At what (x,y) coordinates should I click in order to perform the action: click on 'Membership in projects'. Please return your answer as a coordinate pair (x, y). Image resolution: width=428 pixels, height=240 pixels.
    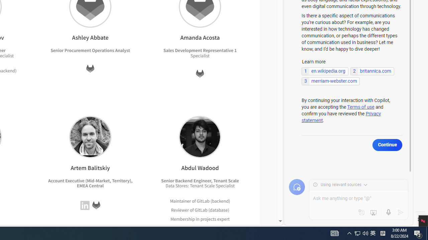
    Looking at the image, I should click on (193, 219).